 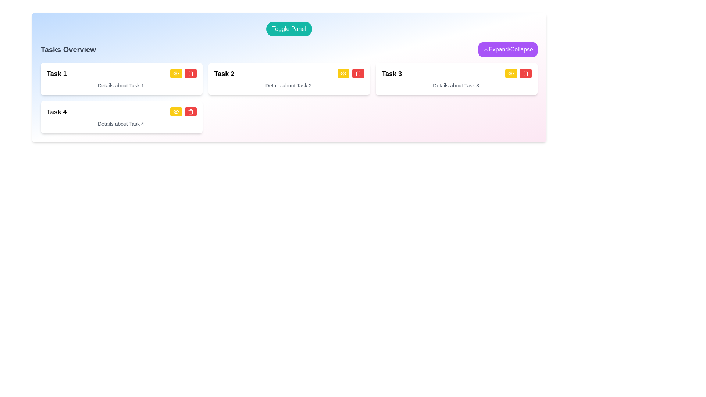 What do you see at coordinates (121, 123) in the screenshot?
I see `the text label reading 'Details about Task 4.' in gray font, located in the second row, first column of the task list section for 'Task 4'` at bounding box center [121, 123].